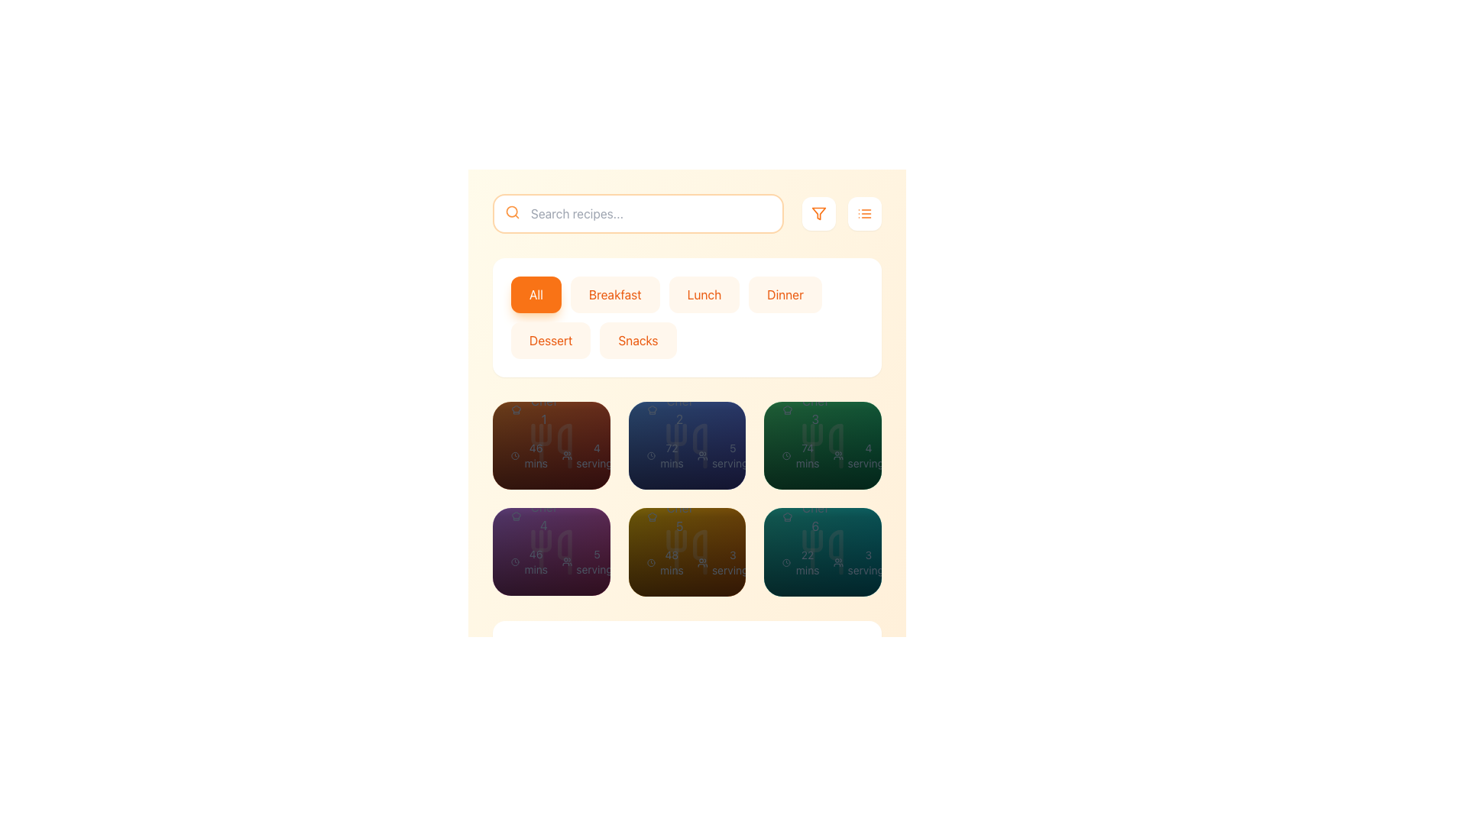  What do you see at coordinates (801, 455) in the screenshot?
I see `the Text label with an icon indicating the duration of a recipe, located in the bottom row of the grid layout, first item on the rightmost card` at bounding box center [801, 455].